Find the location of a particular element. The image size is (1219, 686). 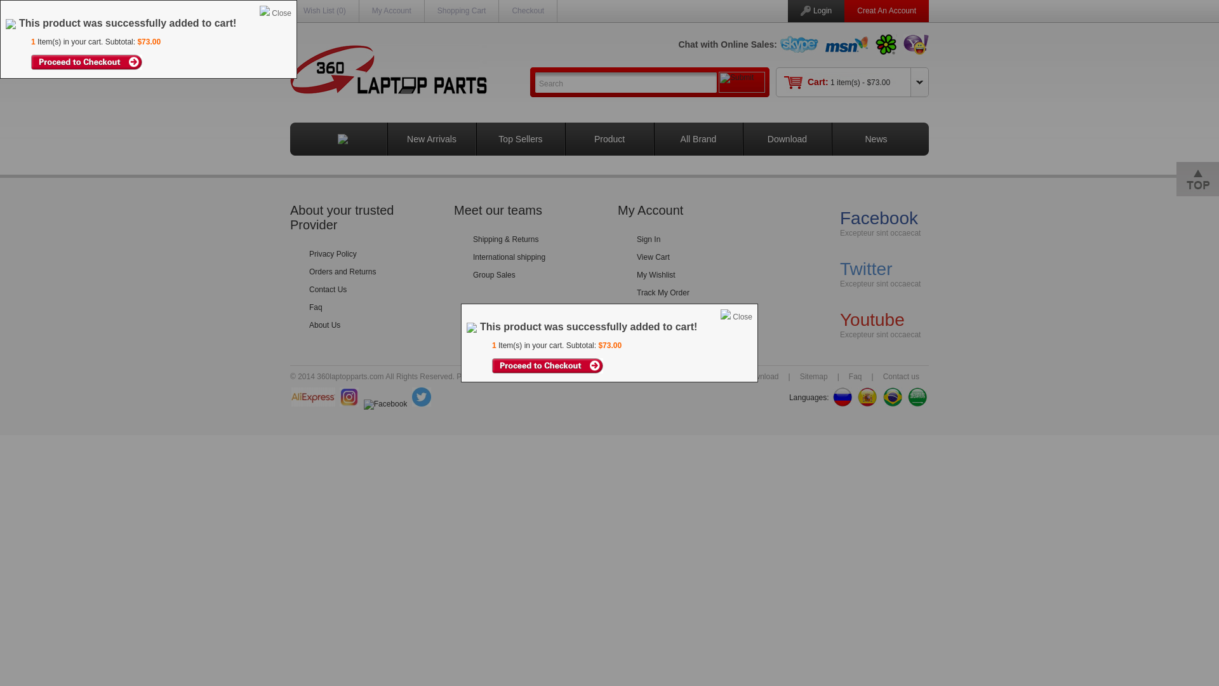

'About us' is located at coordinates (684, 376).